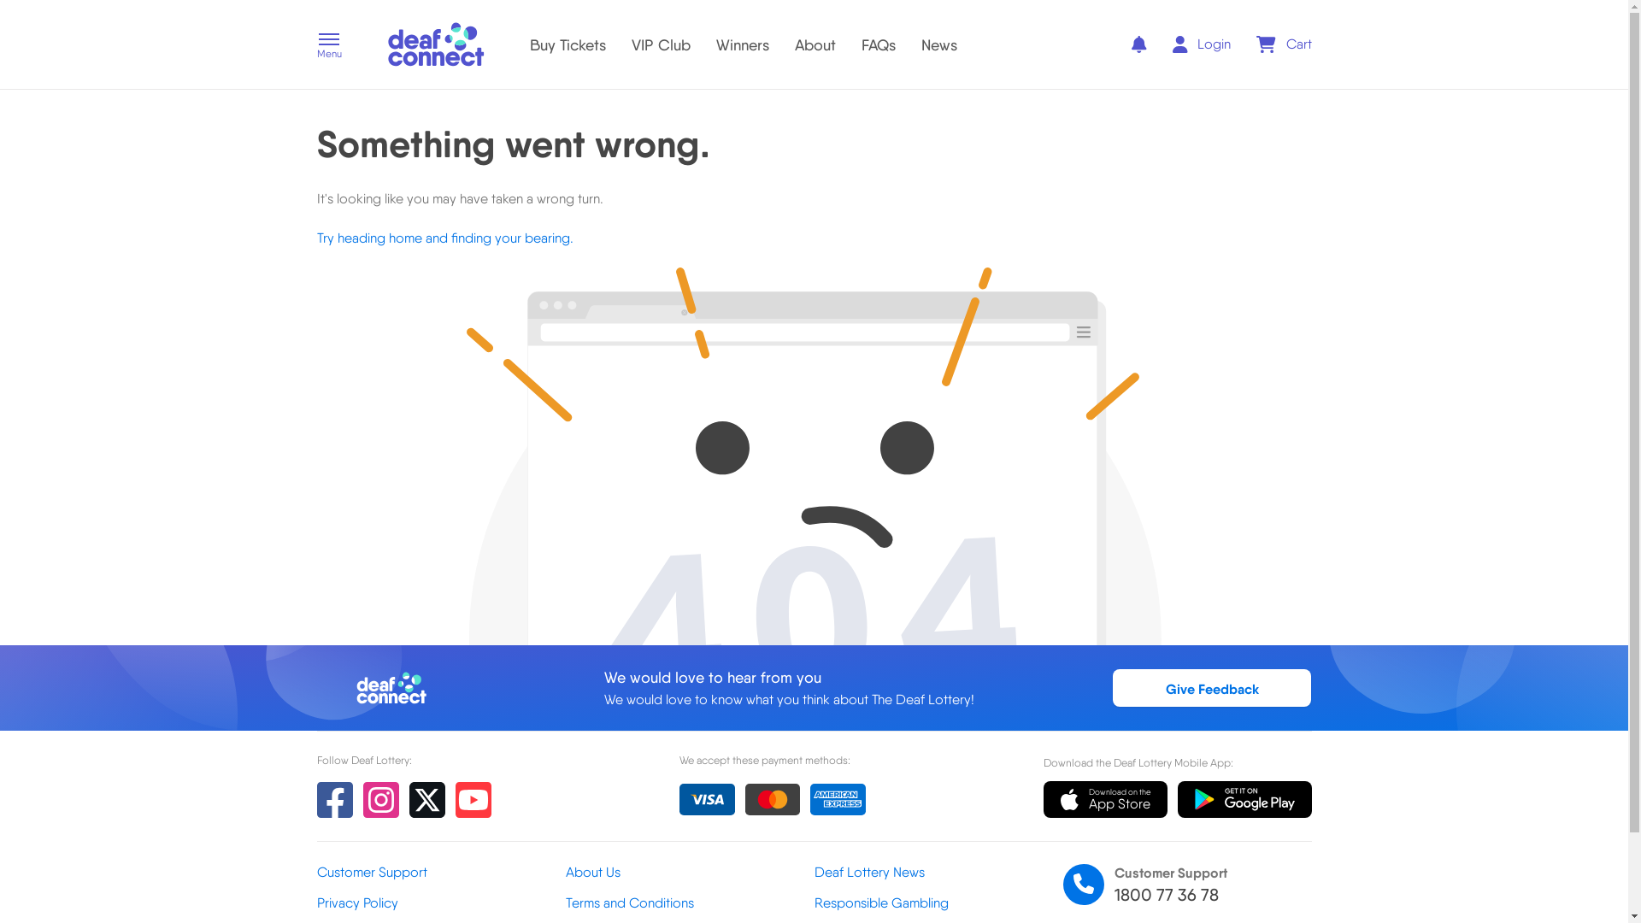 Image resolution: width=1641 pixels, height=923 pixels. Describe the element at coordinates (1201, 43) in the screenshot. I see `'Login'` at that location.